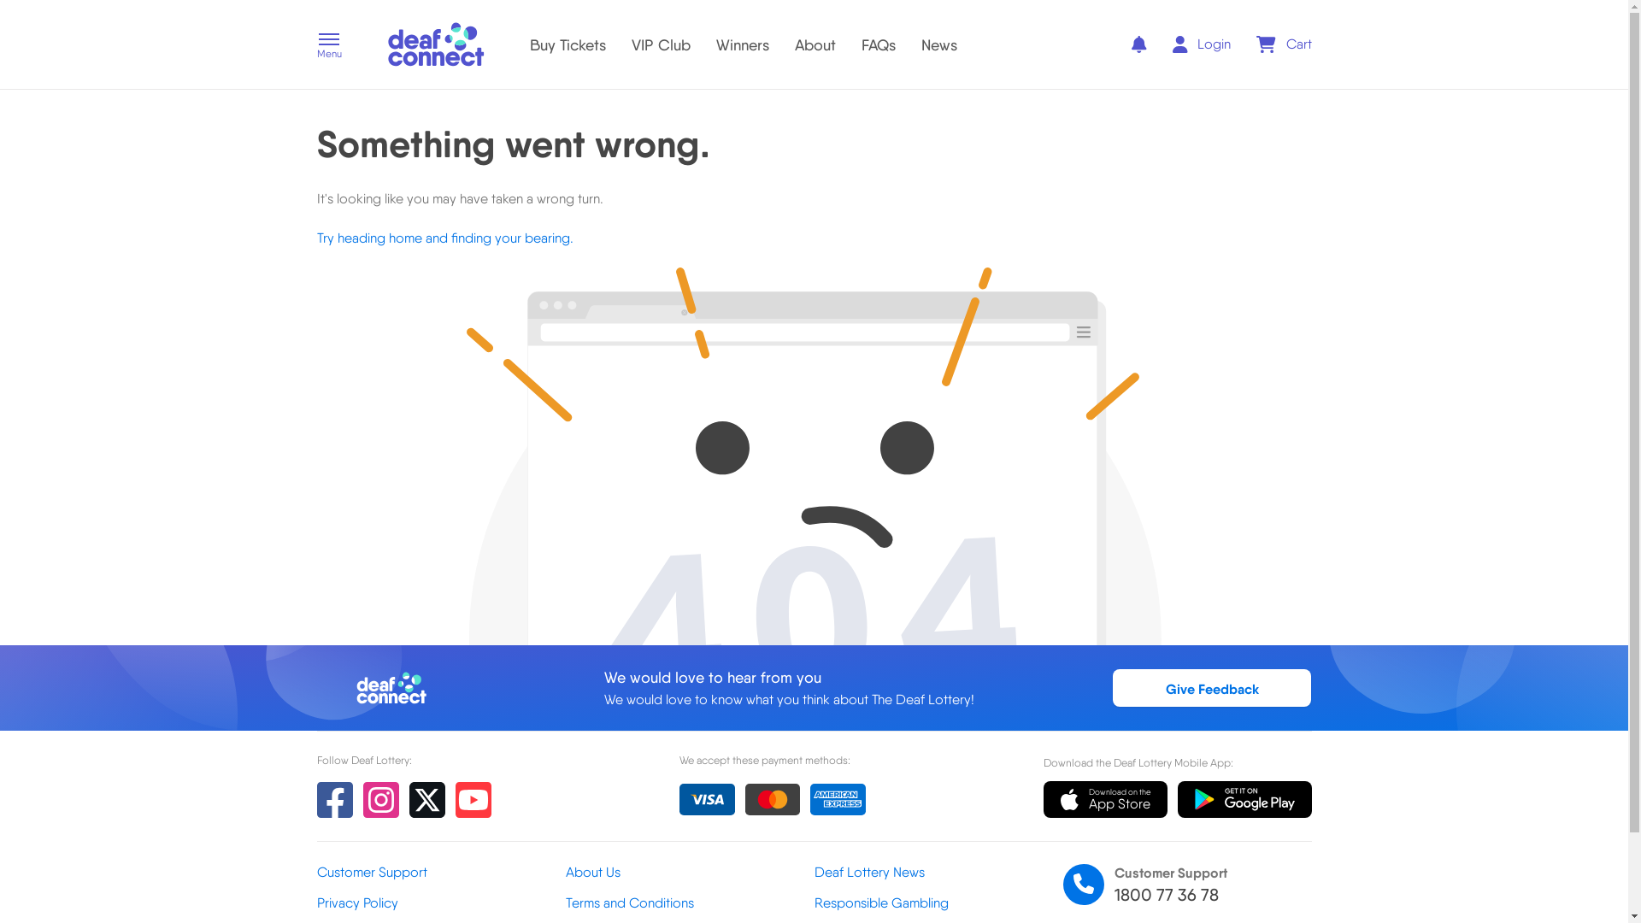 Image resolution: width=1641 pixels, height=923 pixels. Describe the element at coordinates (1201, 43) in the screenshot. I see `'Login'` at that location.